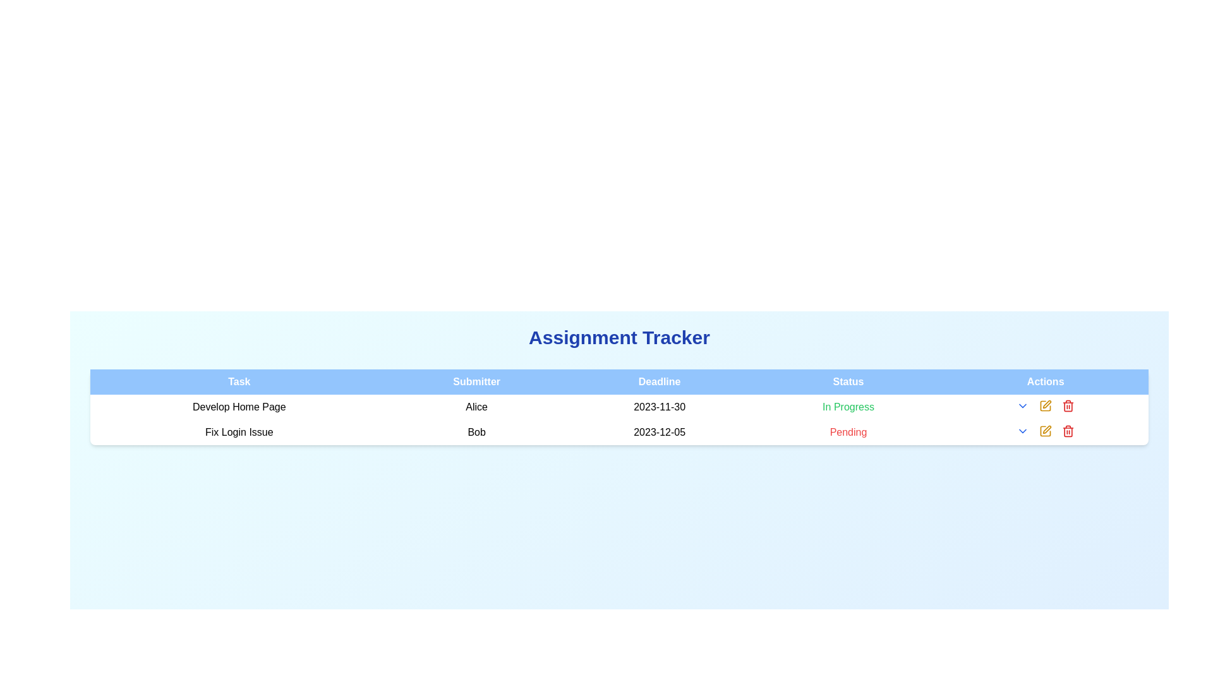  Describe the element at coordinates (239, 407) in the screenshot. I see `text displayed in the 'Task' column, specifically the text 'Develop Home Page' located in the first row of the table` at that location.